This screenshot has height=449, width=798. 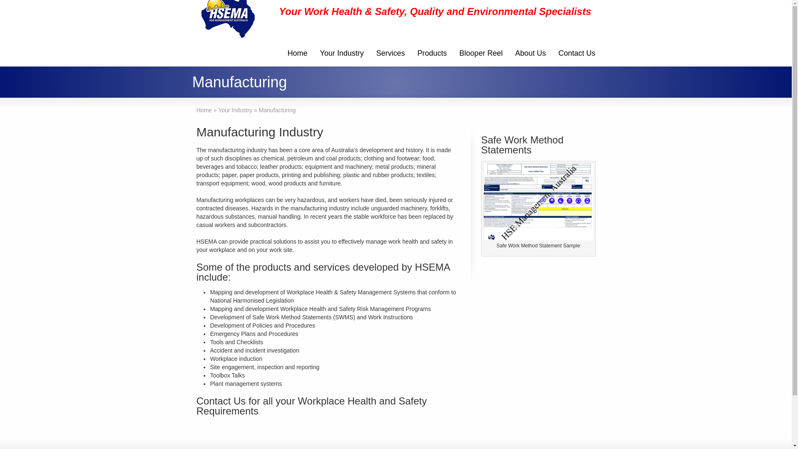 I want to click on 'Services', so click(x=390, y=54).